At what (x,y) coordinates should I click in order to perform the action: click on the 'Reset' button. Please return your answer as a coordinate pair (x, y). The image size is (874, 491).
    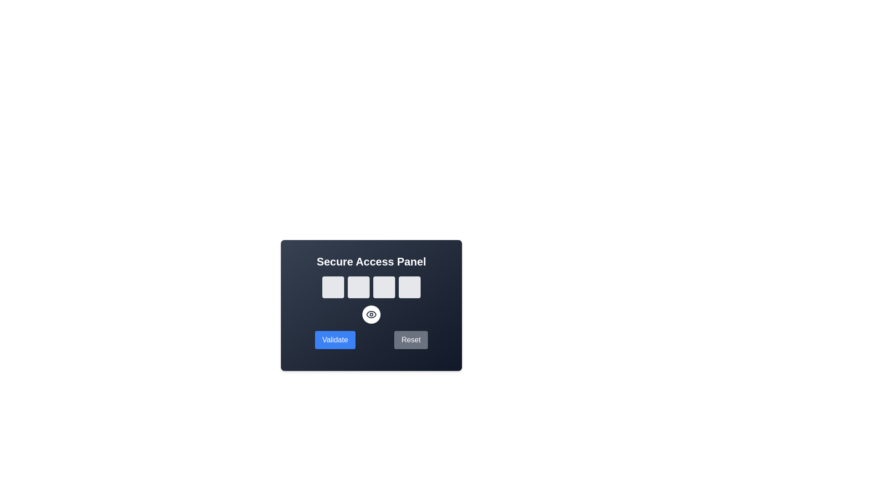
    Looking at the image, I should click on (411, 340).